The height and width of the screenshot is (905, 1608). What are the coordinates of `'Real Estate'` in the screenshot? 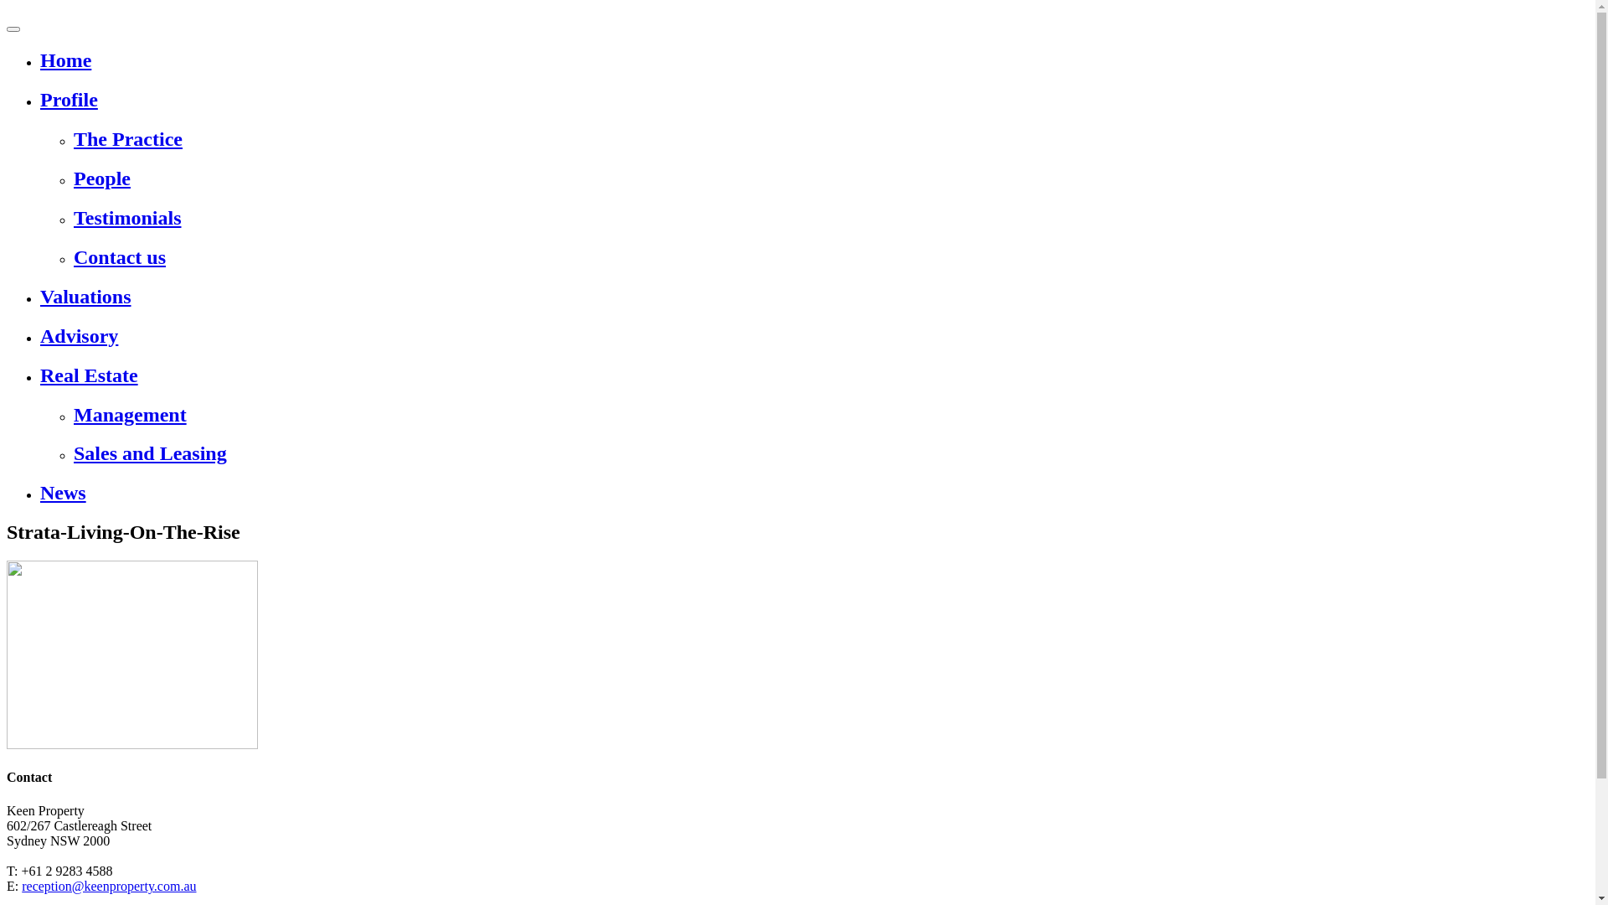 It's located at (40, 375).